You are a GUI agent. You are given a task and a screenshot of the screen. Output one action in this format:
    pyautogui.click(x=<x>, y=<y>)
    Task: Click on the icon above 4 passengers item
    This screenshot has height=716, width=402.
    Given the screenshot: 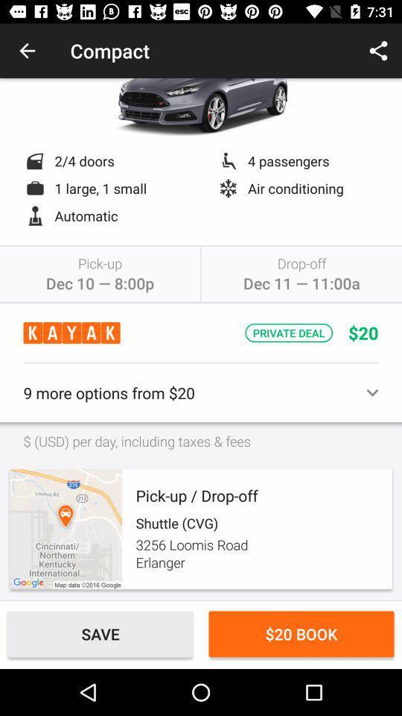 What is the action you would take?
    pyautogui.click(x=378, y=51)
    